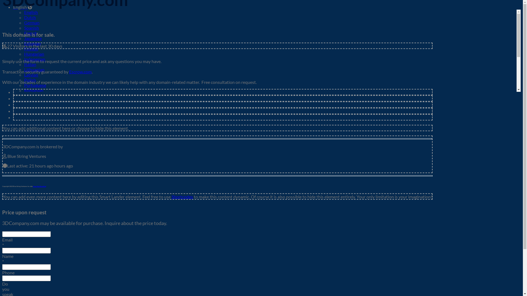 This screenshot has height=296, width=527. What do you see at coordinates (43, 127) in the screenshot?
I see `'Chinese (simplified)'` at bounding box center [43, 127].